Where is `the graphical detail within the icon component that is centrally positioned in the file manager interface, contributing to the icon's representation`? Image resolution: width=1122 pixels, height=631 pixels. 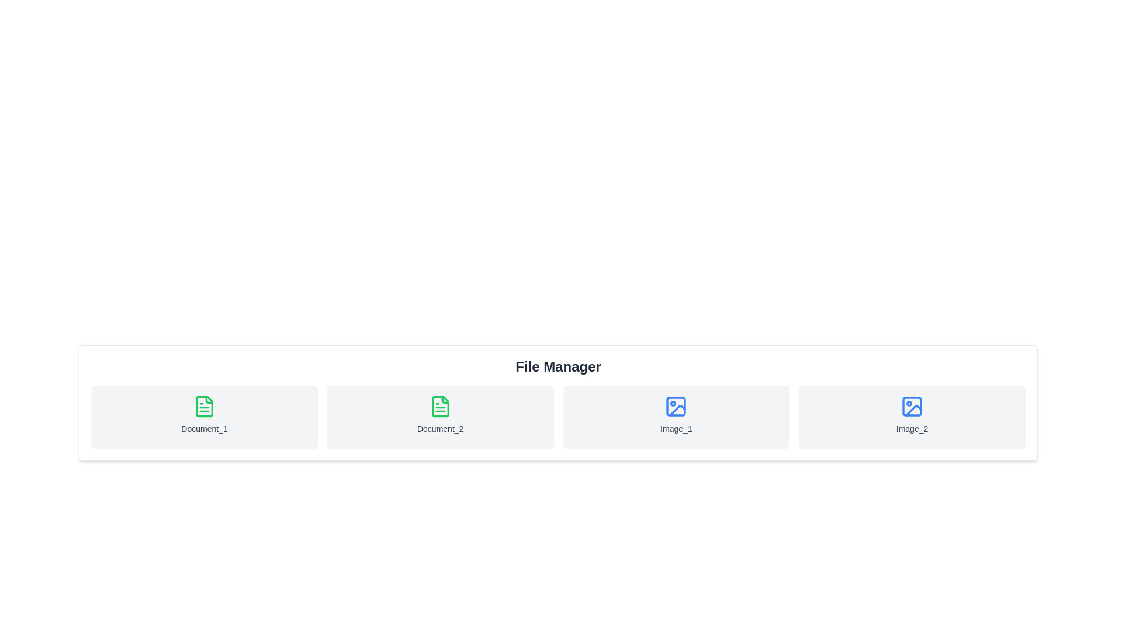 the graphical detail within the icon component that is centrally positioned in the file manager interface, contributing to the icon's representation is located at coordinates (676, 405).